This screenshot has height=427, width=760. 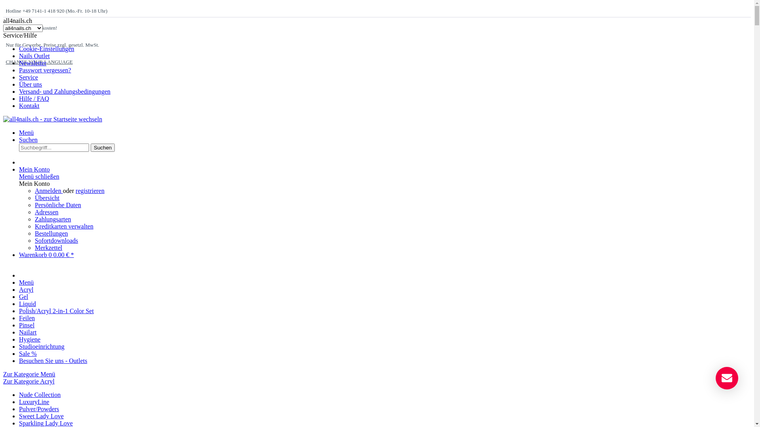 What do you see at coordinates (53, 361) in the screenshot?
I see `'Besuchen Sie uns - Outlets'` at bounding box center [53, 361].